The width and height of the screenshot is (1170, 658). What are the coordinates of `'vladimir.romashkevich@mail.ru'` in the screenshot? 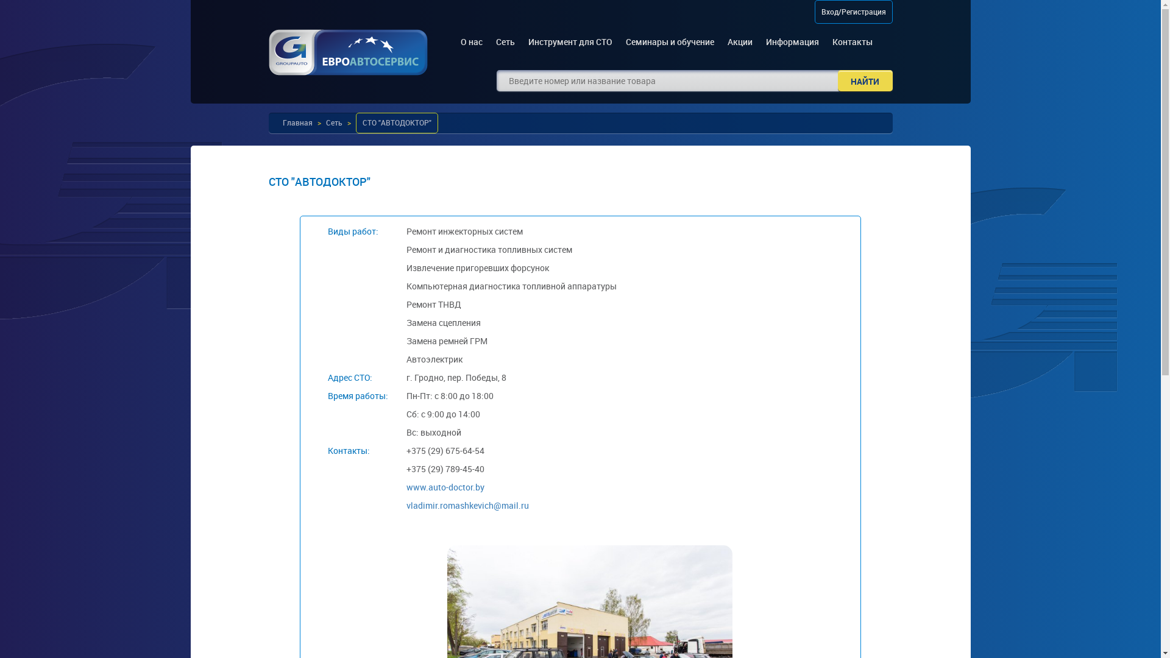 It's located at (467, 505).